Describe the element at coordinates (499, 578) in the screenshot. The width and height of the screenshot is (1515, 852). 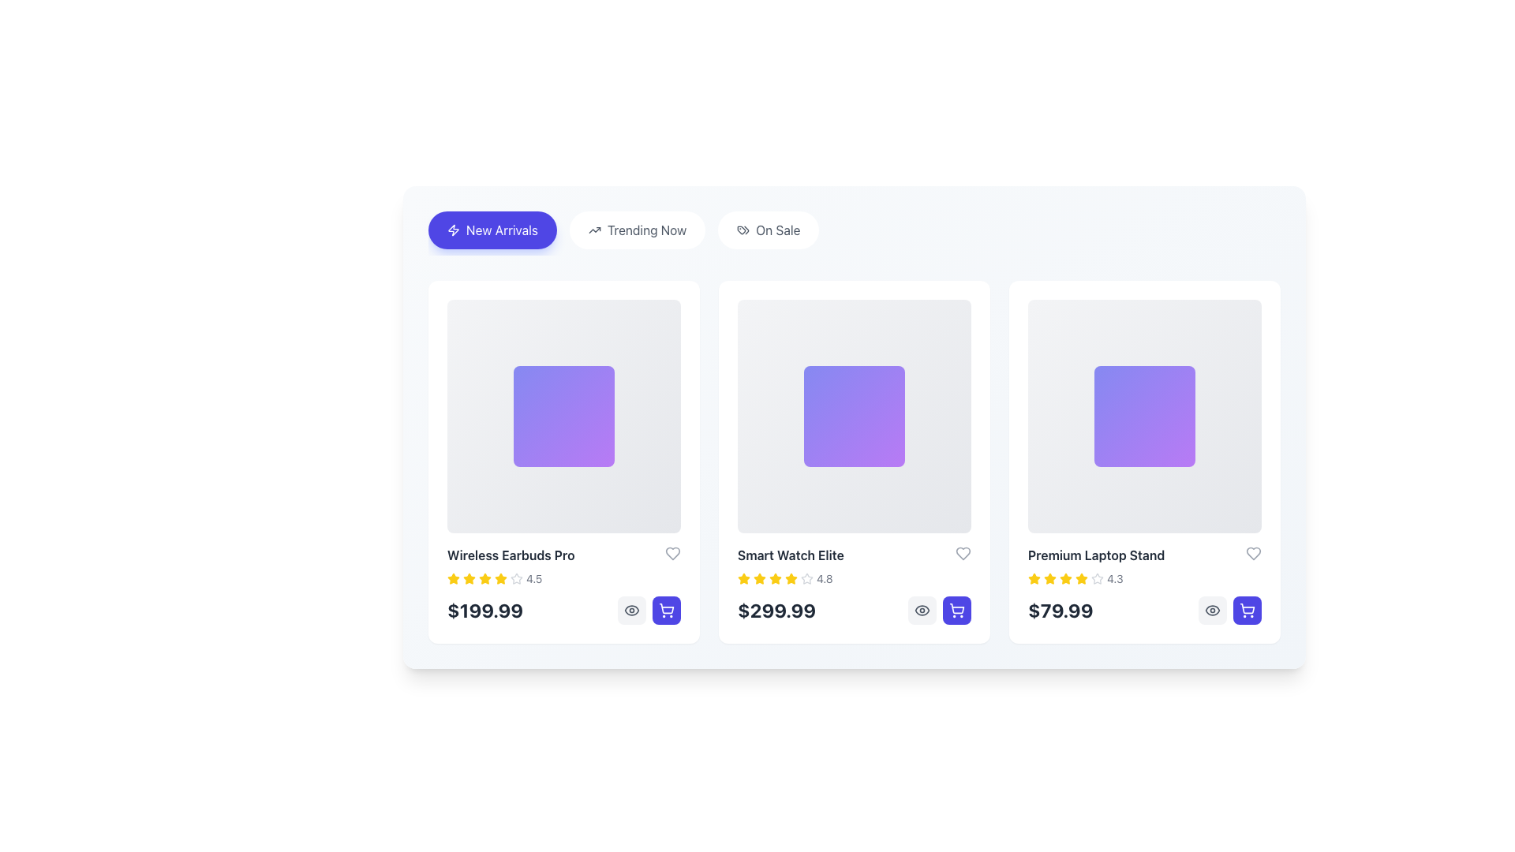
I see `the small yellow star icon at the far-right end of the star group above the numerical rating '4.5' for 'Wireless Earbuds Pro' to interact with it` at that location.